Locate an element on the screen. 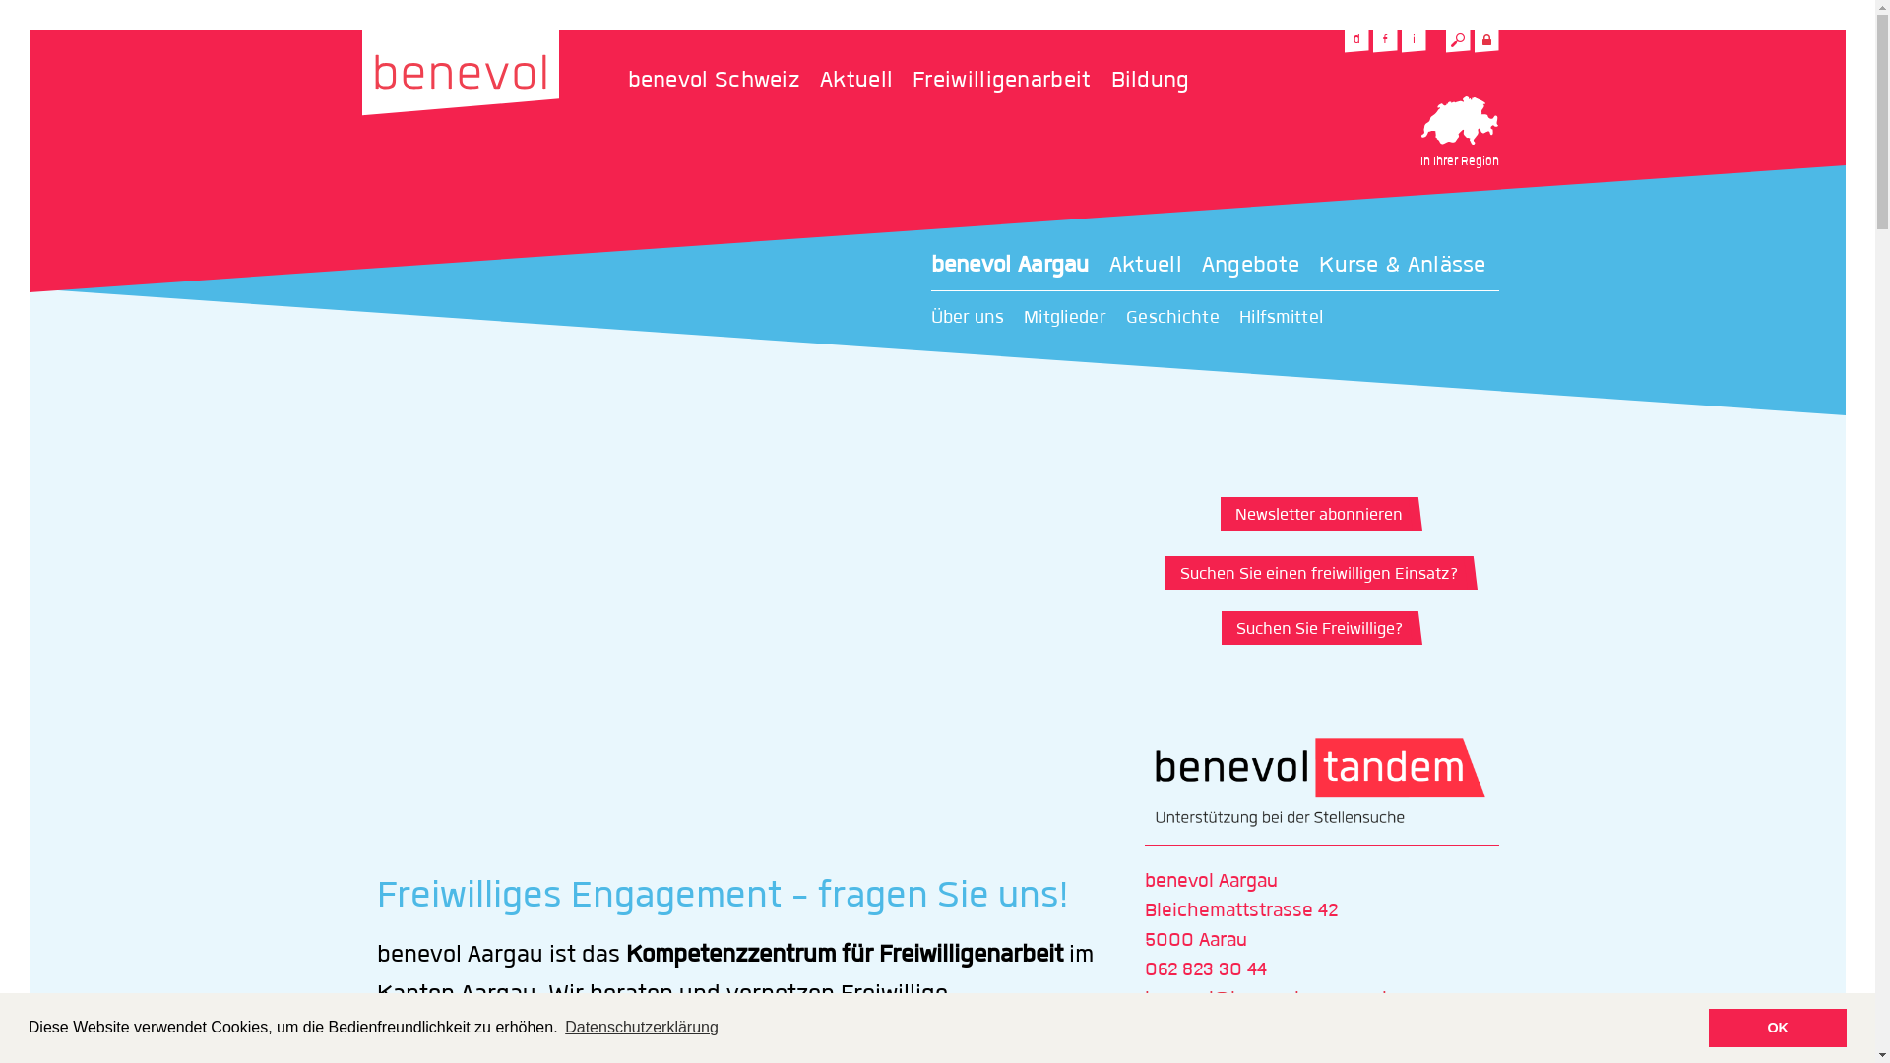 This screenshot has height=1063, width=1890. 'In Ihrer Region' is located at coordinates (1418, 134).